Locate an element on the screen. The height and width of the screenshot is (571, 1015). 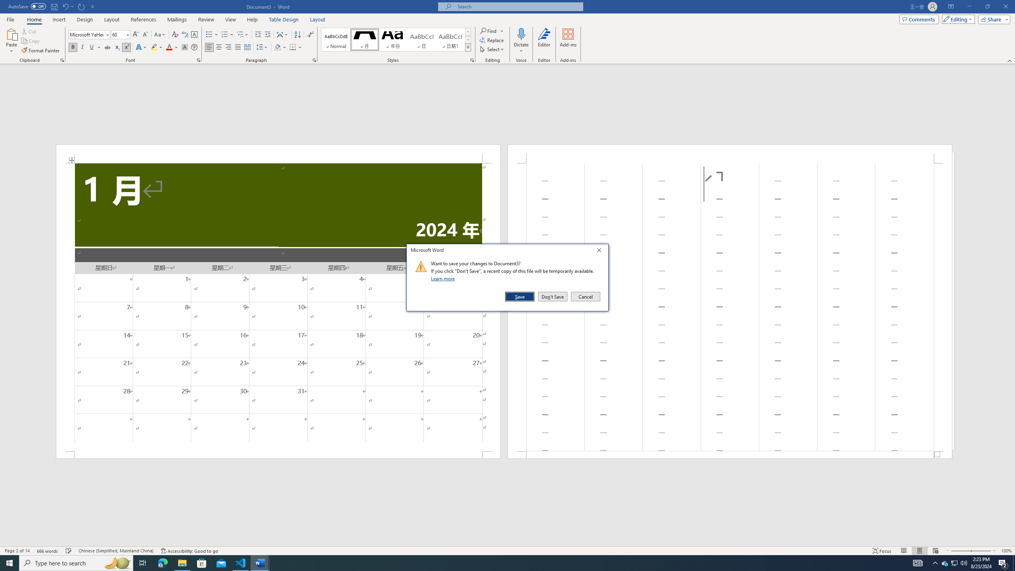
'Multilevel List' is located at coordinates (242, 34).